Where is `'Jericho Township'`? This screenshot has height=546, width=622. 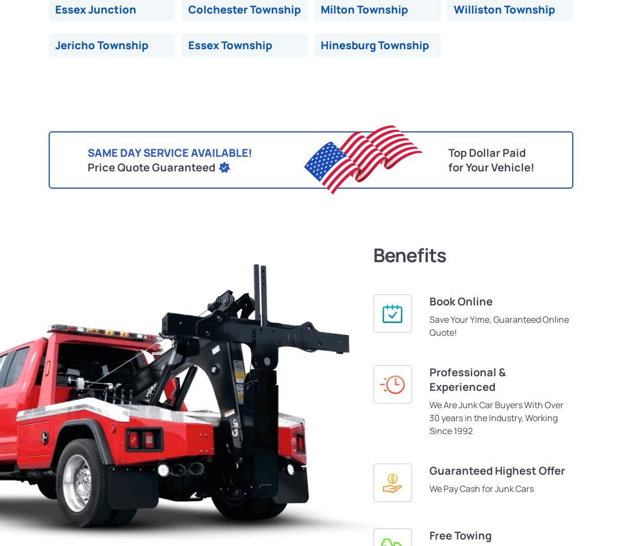 'Jericho Township' is located at coordinates (101, 44).